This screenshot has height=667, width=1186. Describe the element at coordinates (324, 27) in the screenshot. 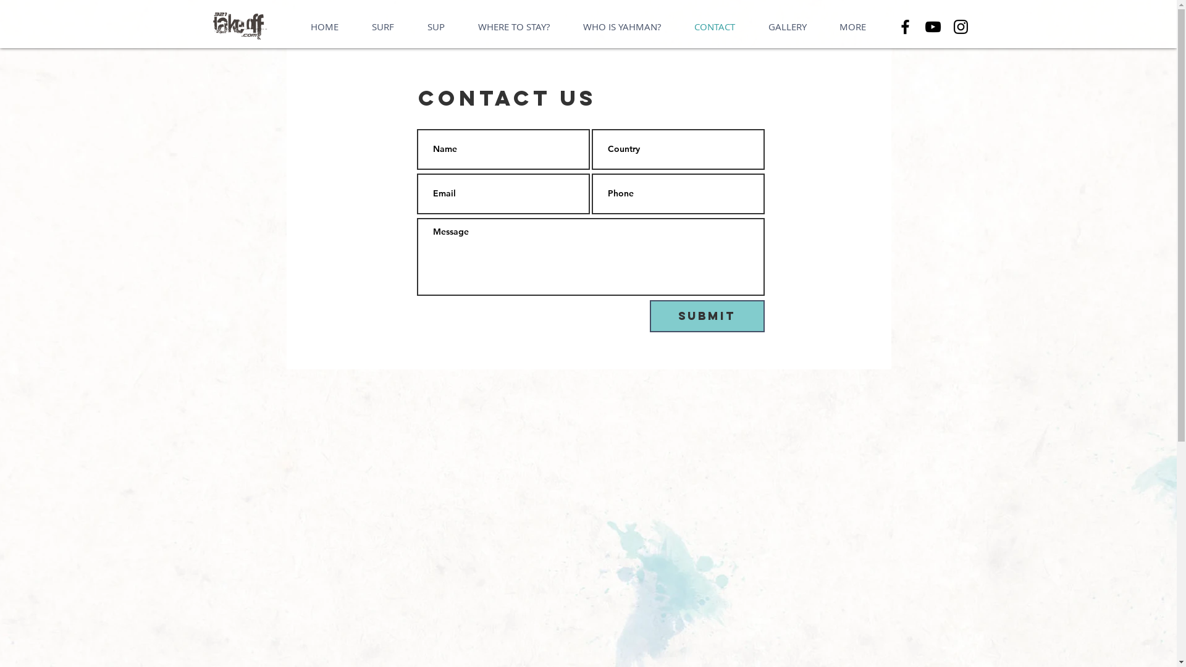

I see `'HOME'` at that location.